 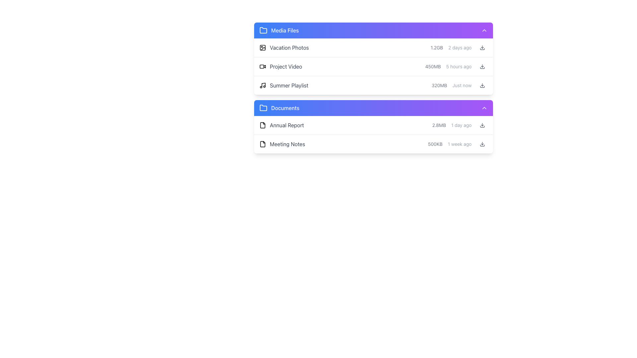 What do you see at coordinates (456, 66) in the screenshot?
I see `the Text Display element that shows file-related metadata, located to the right of the 'Project Video' entry in the 'Media Files' section` at bounding box center [456, 66].